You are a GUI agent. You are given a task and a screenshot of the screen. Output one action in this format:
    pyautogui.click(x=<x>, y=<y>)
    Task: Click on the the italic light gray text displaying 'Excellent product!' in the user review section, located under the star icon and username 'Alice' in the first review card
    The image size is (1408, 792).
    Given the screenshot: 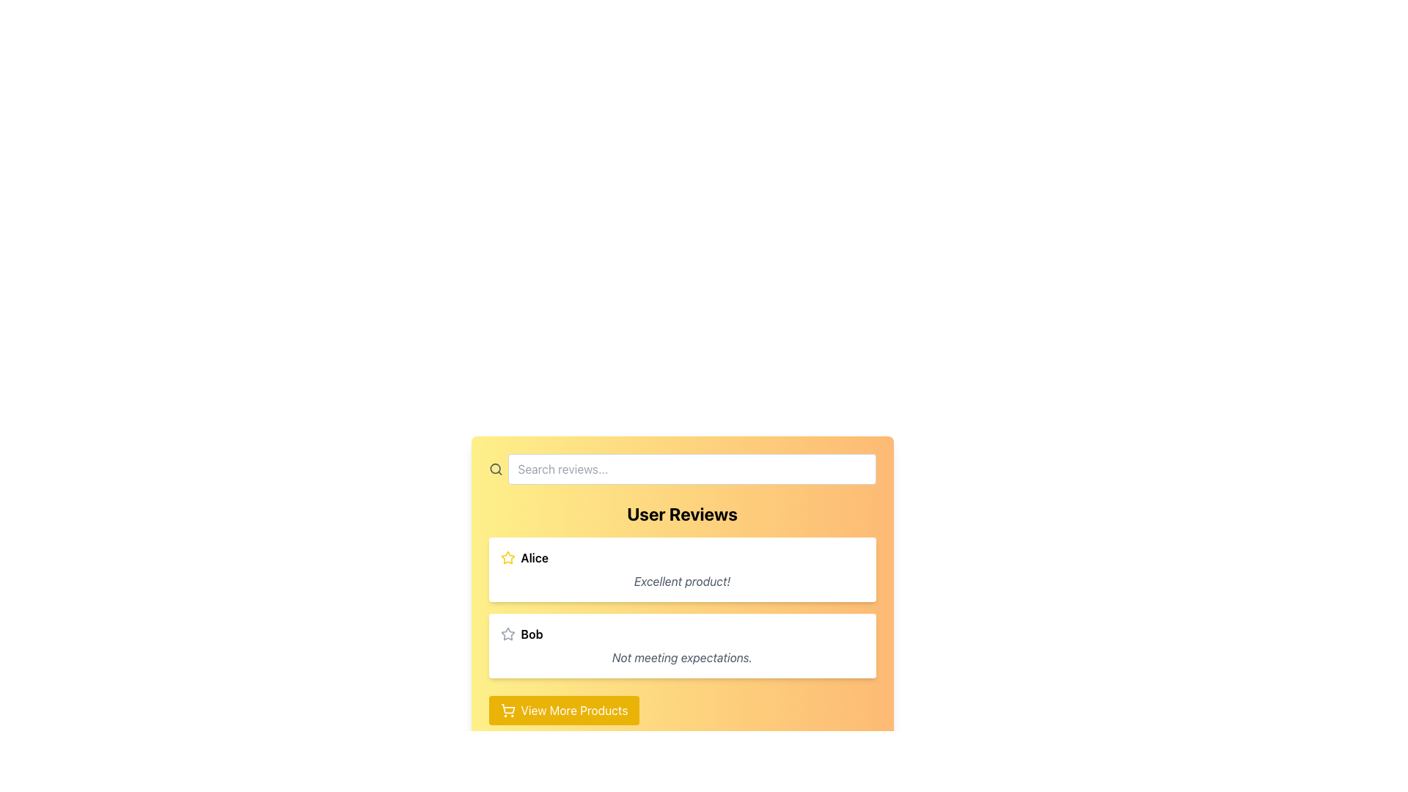 What is the action you would take?
    pyautogui.click(x=681, y=581)
    